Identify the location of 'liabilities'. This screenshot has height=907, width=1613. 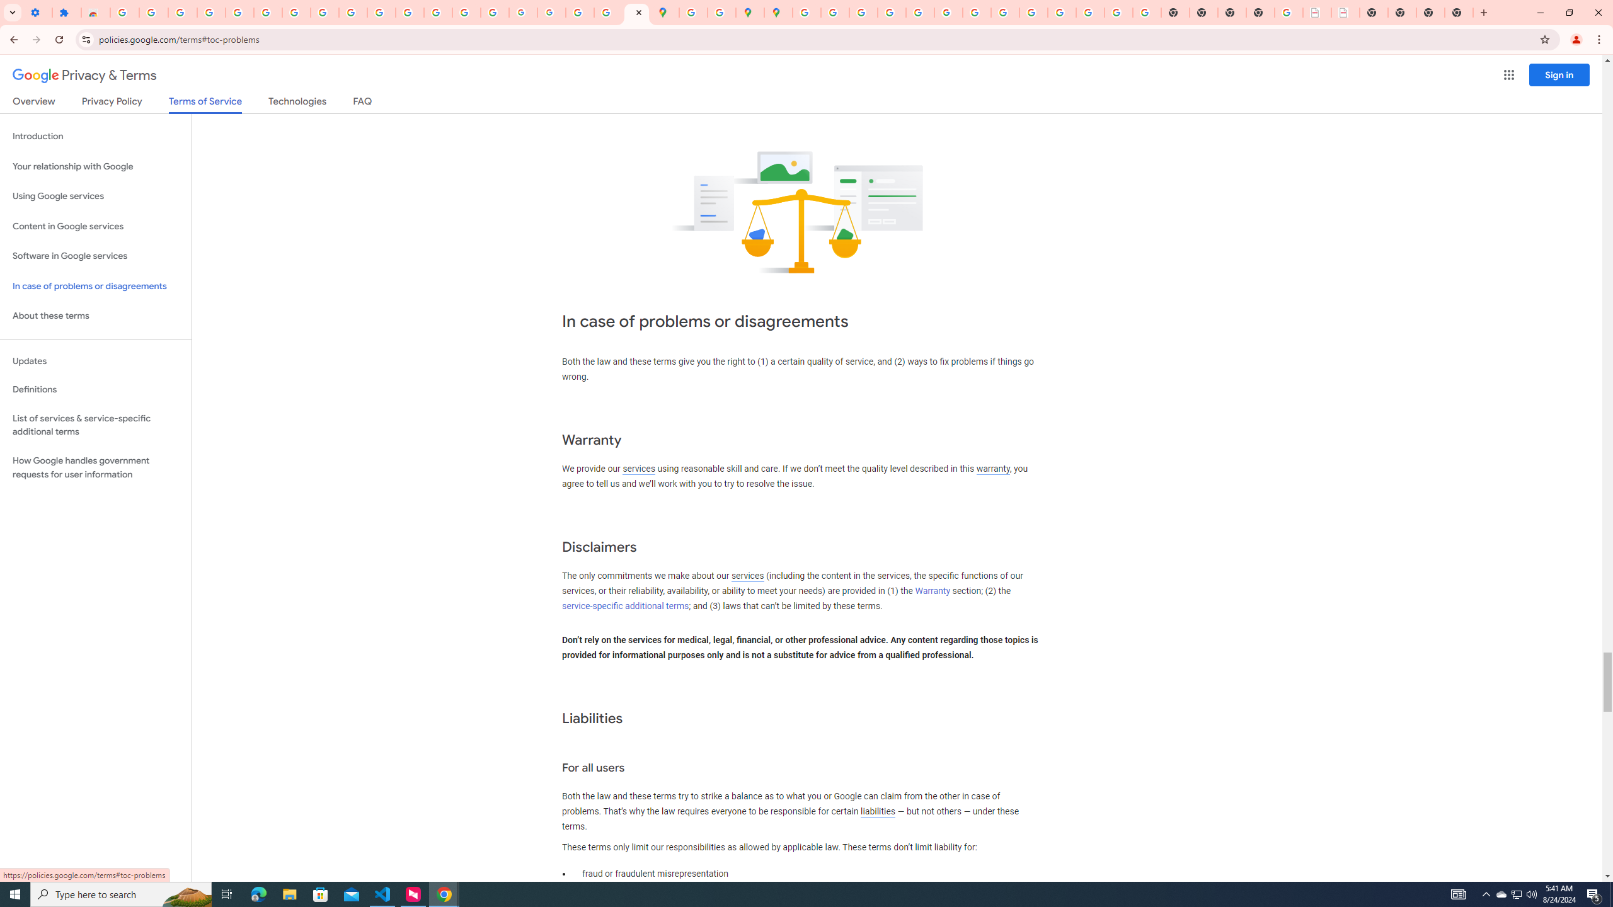
(876, 811).